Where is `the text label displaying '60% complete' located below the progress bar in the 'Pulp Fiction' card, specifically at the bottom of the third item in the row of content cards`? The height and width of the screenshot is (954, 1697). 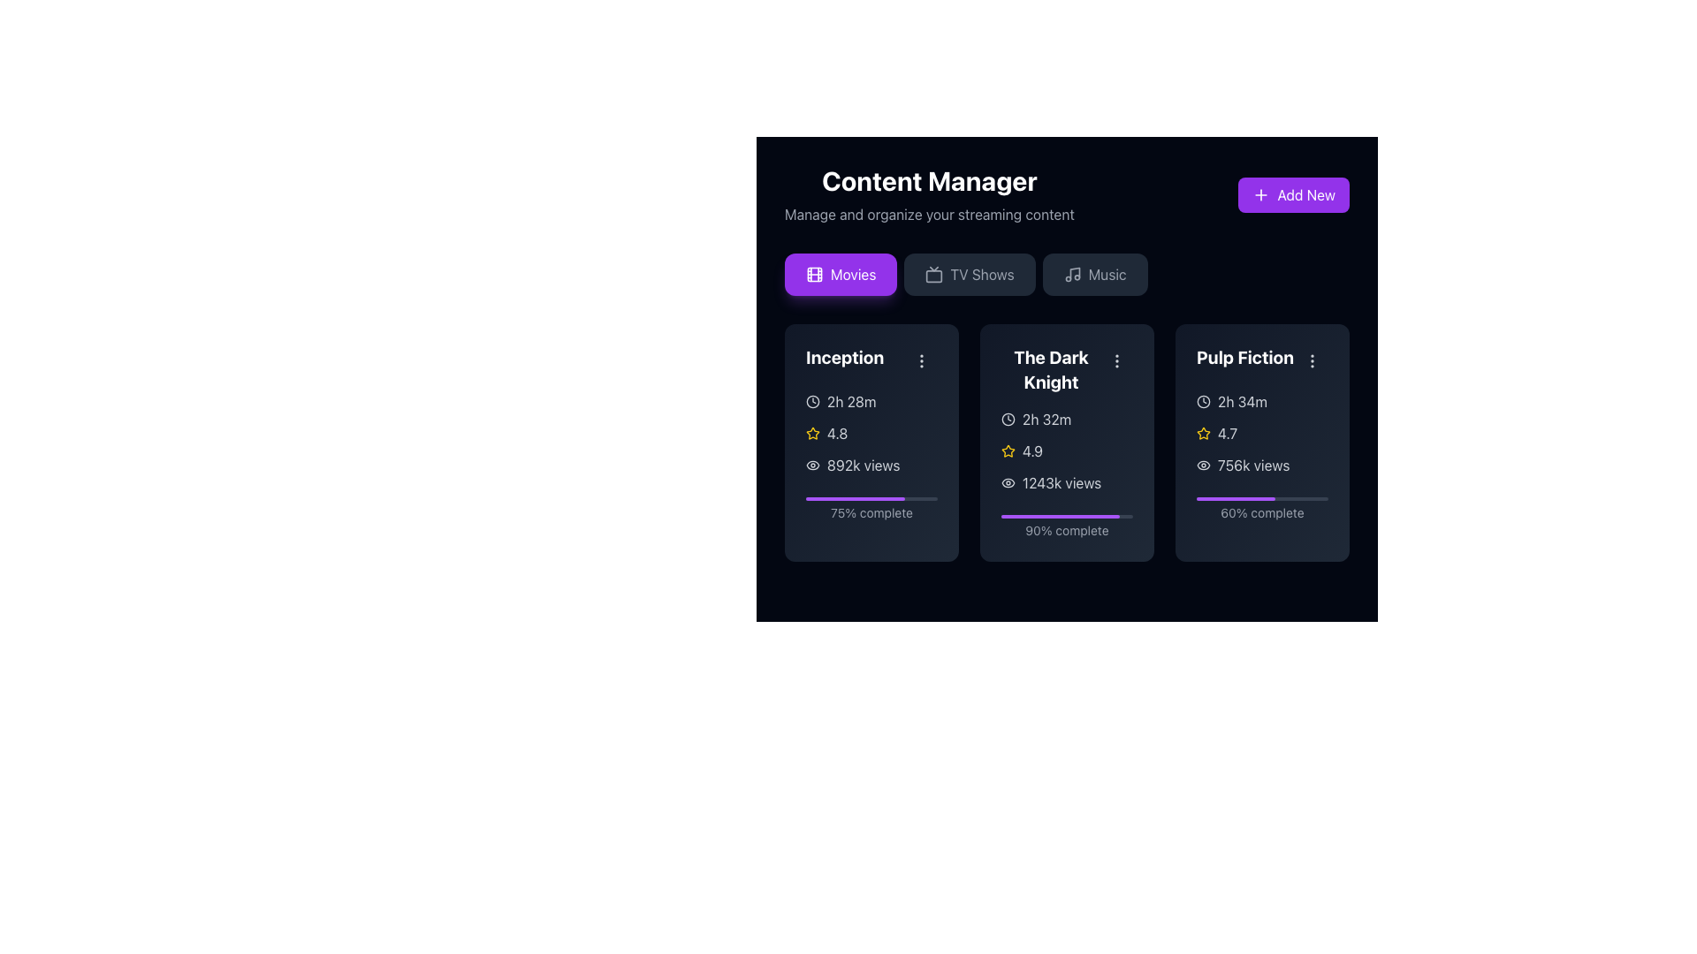 the text label displaying '60% complete' located below the progress bar in the 'Pulp Fiction' card, specifically at the bottom of the third item in the row of content cards is located at coordinates (1261, 513).